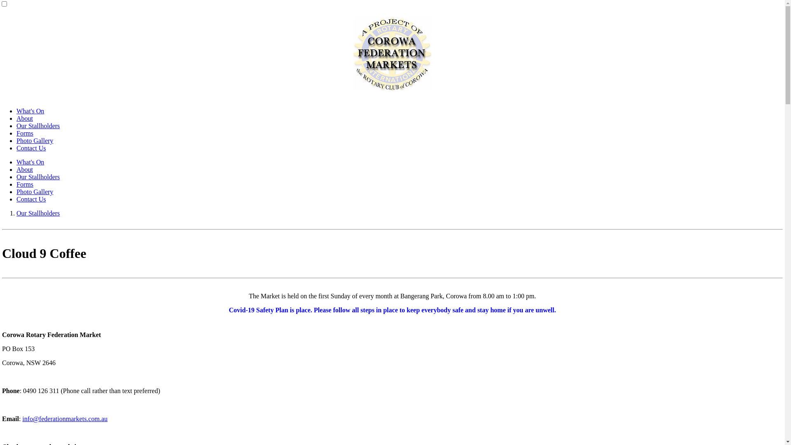 The height and width of the screenshot is (445, 791). What do you see at coordinates (30, 162) in the screenshot?
I see `'What's On'` at bounding box center [30, 162].